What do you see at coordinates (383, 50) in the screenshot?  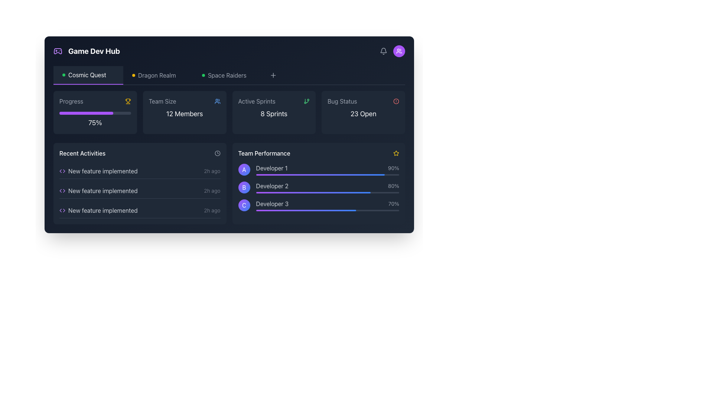 I see `the notification icon in the top-right corner of the interface` at bounding box center [383, 50].